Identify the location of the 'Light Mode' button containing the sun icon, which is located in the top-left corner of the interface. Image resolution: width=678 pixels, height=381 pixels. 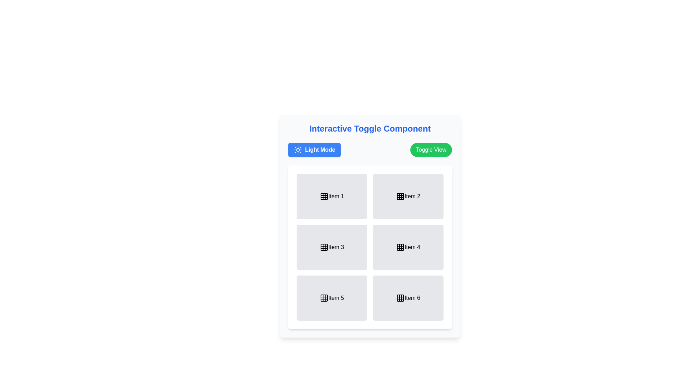
(298, 149).